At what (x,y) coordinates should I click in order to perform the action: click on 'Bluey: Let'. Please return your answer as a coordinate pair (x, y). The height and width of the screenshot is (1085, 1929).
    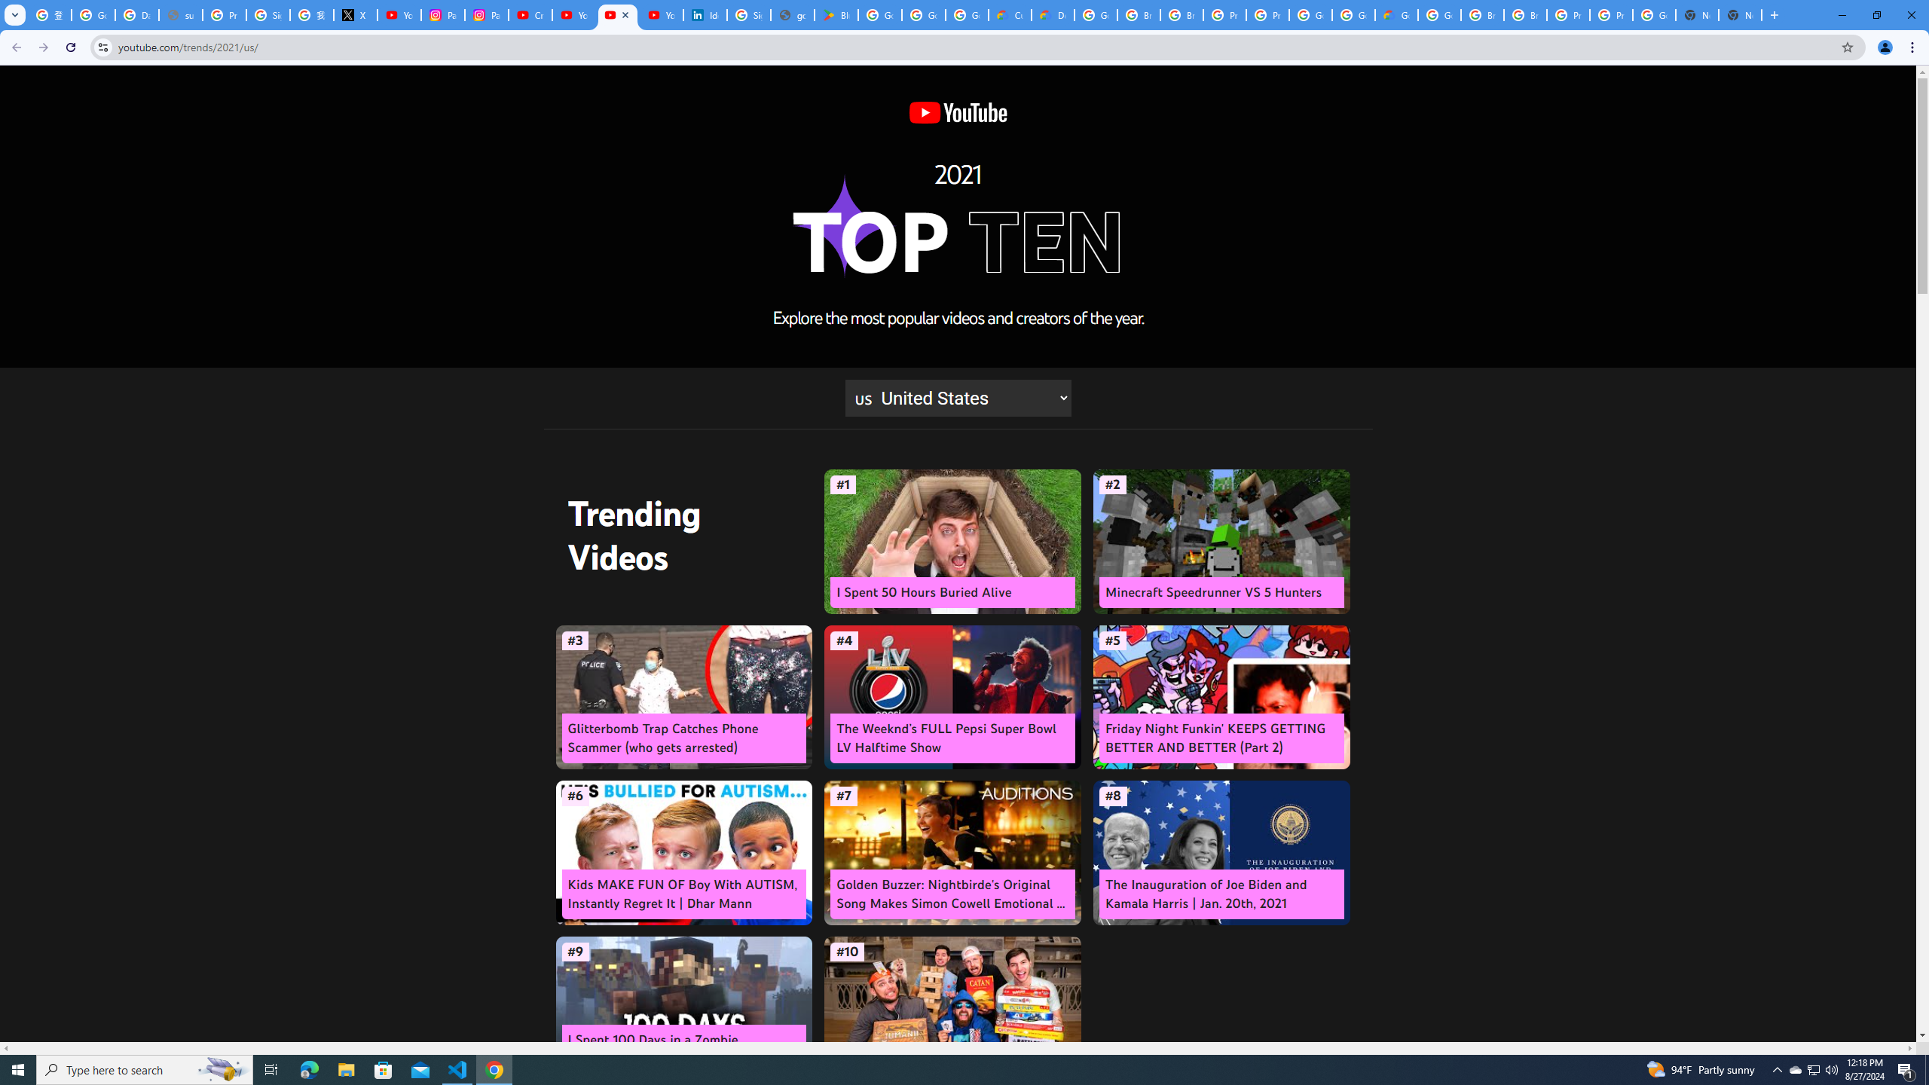
    Looking at the image, I should click on (835, 14).